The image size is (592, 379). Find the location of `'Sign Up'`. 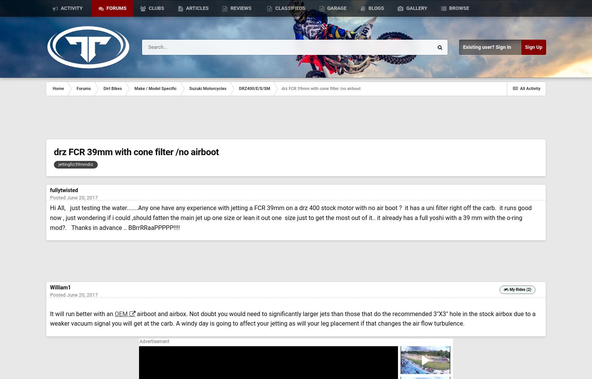

'Sign Up' is located at coordinates (533, 47).